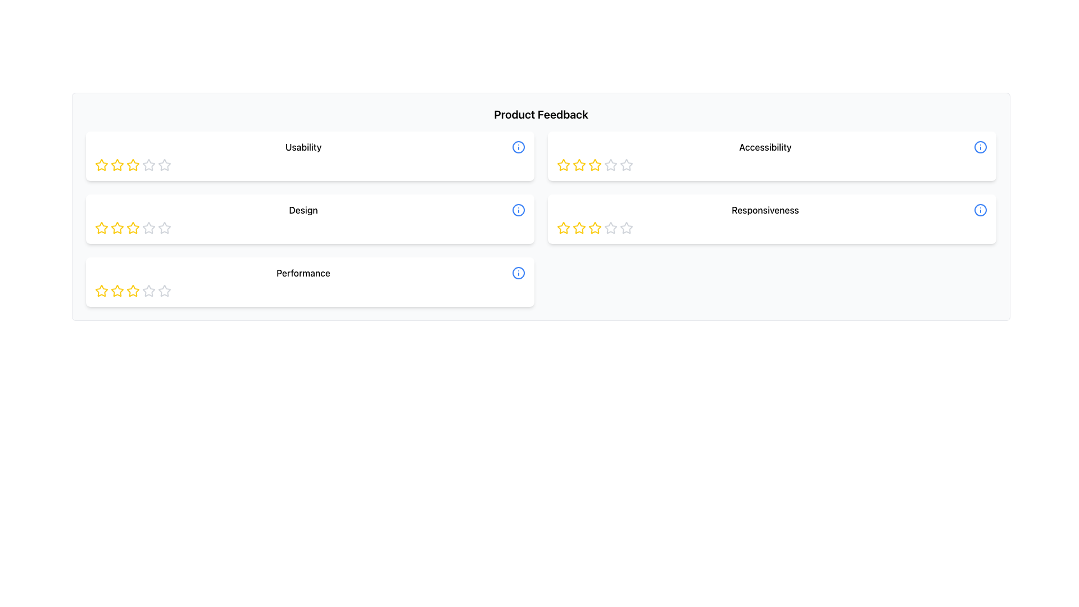  What do you see at coordinates (625, 228) in the screenshot?
I see `the fourth rating star icon` at bounding box center [625, 228].